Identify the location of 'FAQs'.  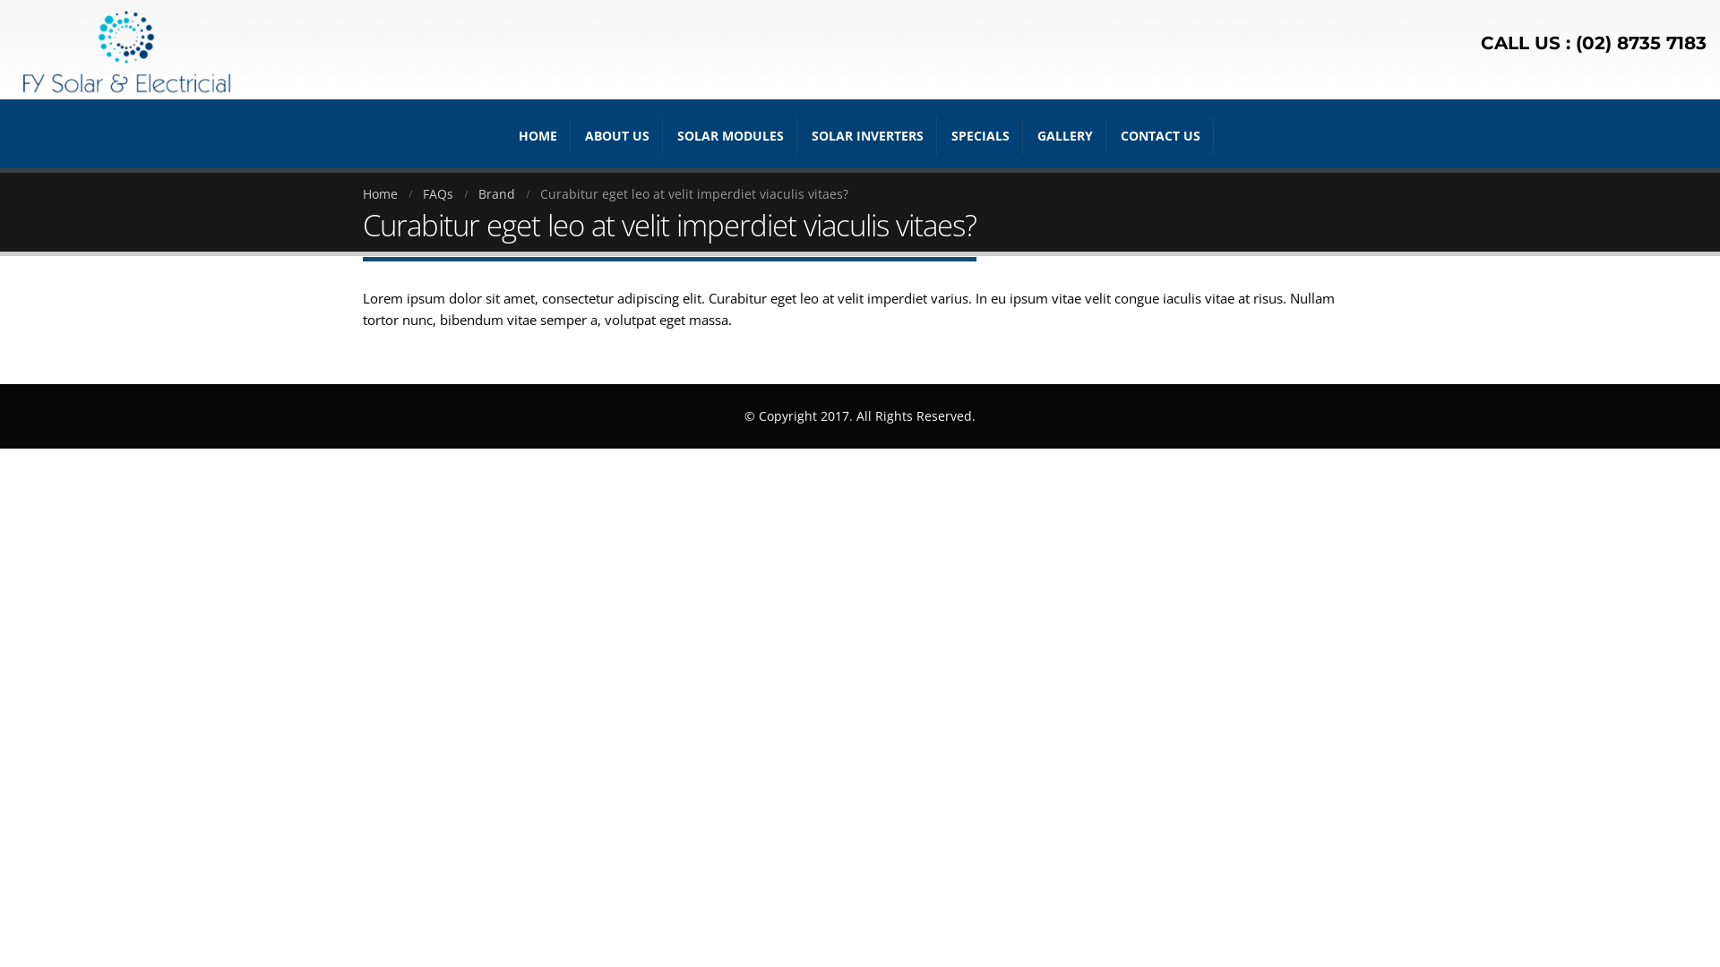
(438, 193).